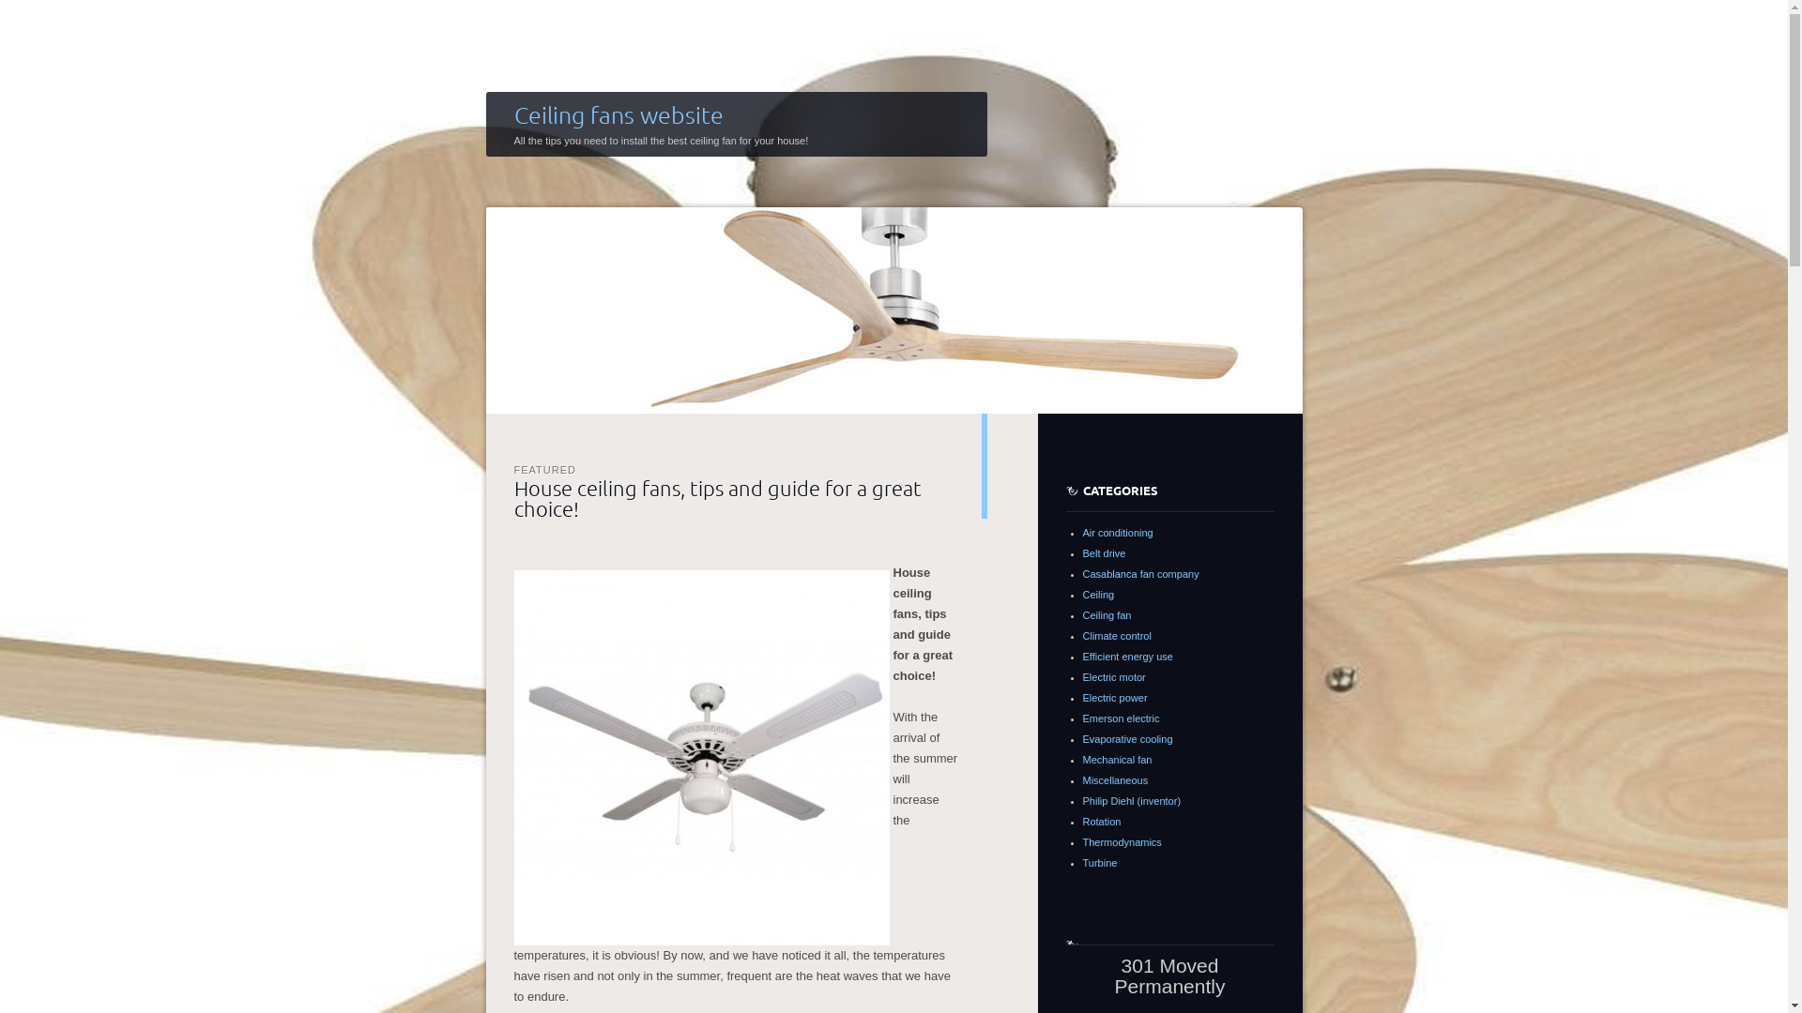 The height and width of the screenshot is (1013, 1802). Describe the element at coordinates (1122, 841) in the screenshot. I see `'Thermodynamics'` at that location.